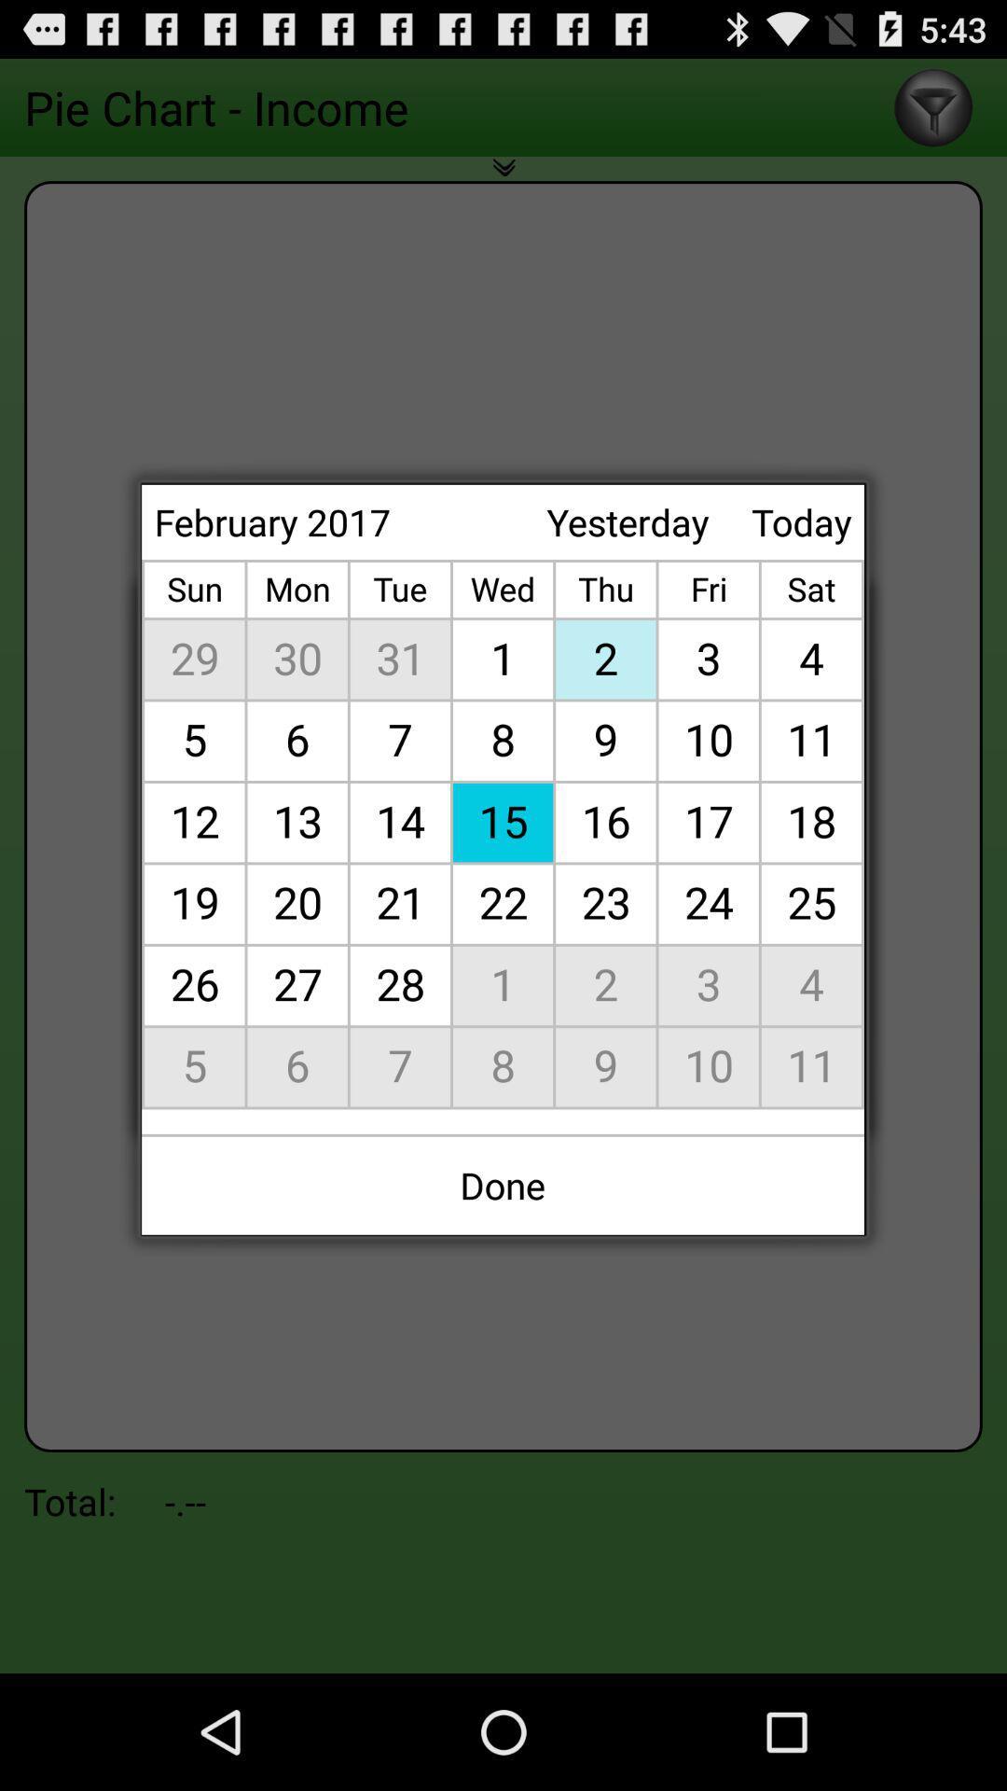 The height and width of the screenshot is (1791, 1007). What do you see at coordinates (800, 521) in the screenshot?
I see `icon next to yesterday` at bounding box center [800, 521].